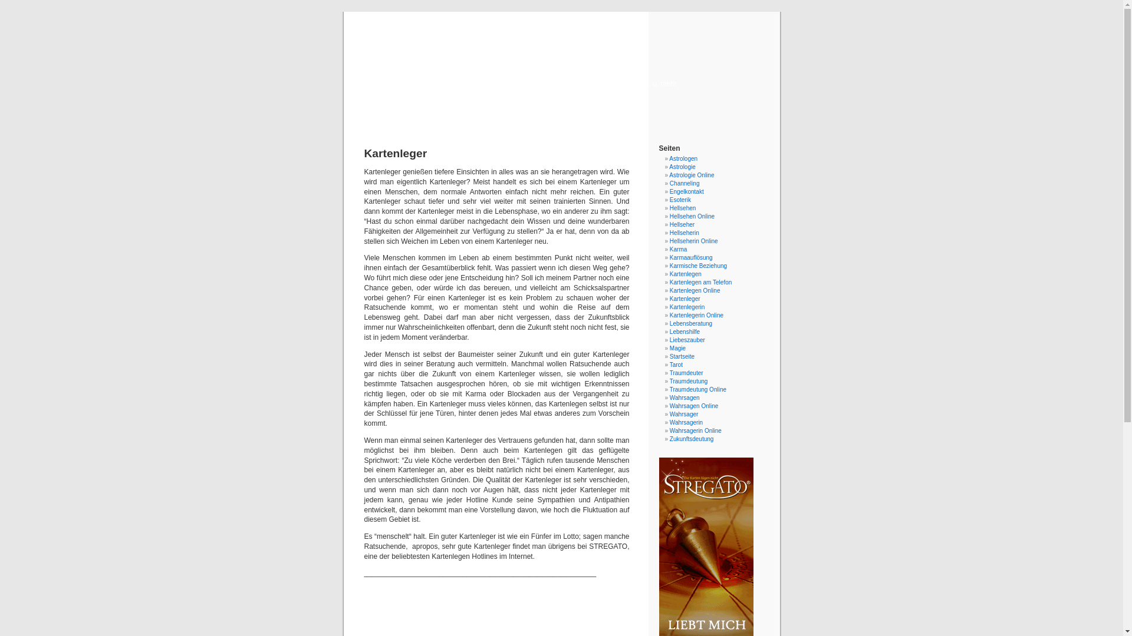 The image size is (1132, 636). Describe the element at coordinates (670, 224) in the screenshot. I see `'Hellseher'` at that location.